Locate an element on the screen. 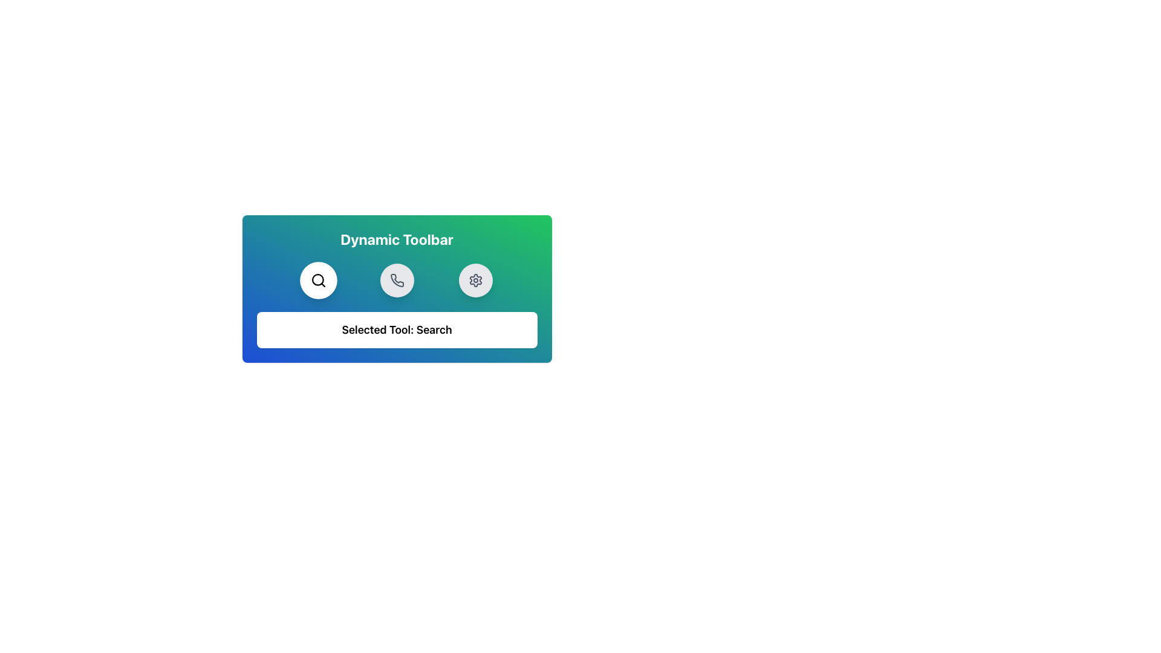 The image size is (1161, 653). the Informational Label displaying 'Selected Tool: Search', which is a rectangular section with a white background and rounded corners, positioned at the bottom center of the Dynamic Toolbar is located at coordinates (397, 330).